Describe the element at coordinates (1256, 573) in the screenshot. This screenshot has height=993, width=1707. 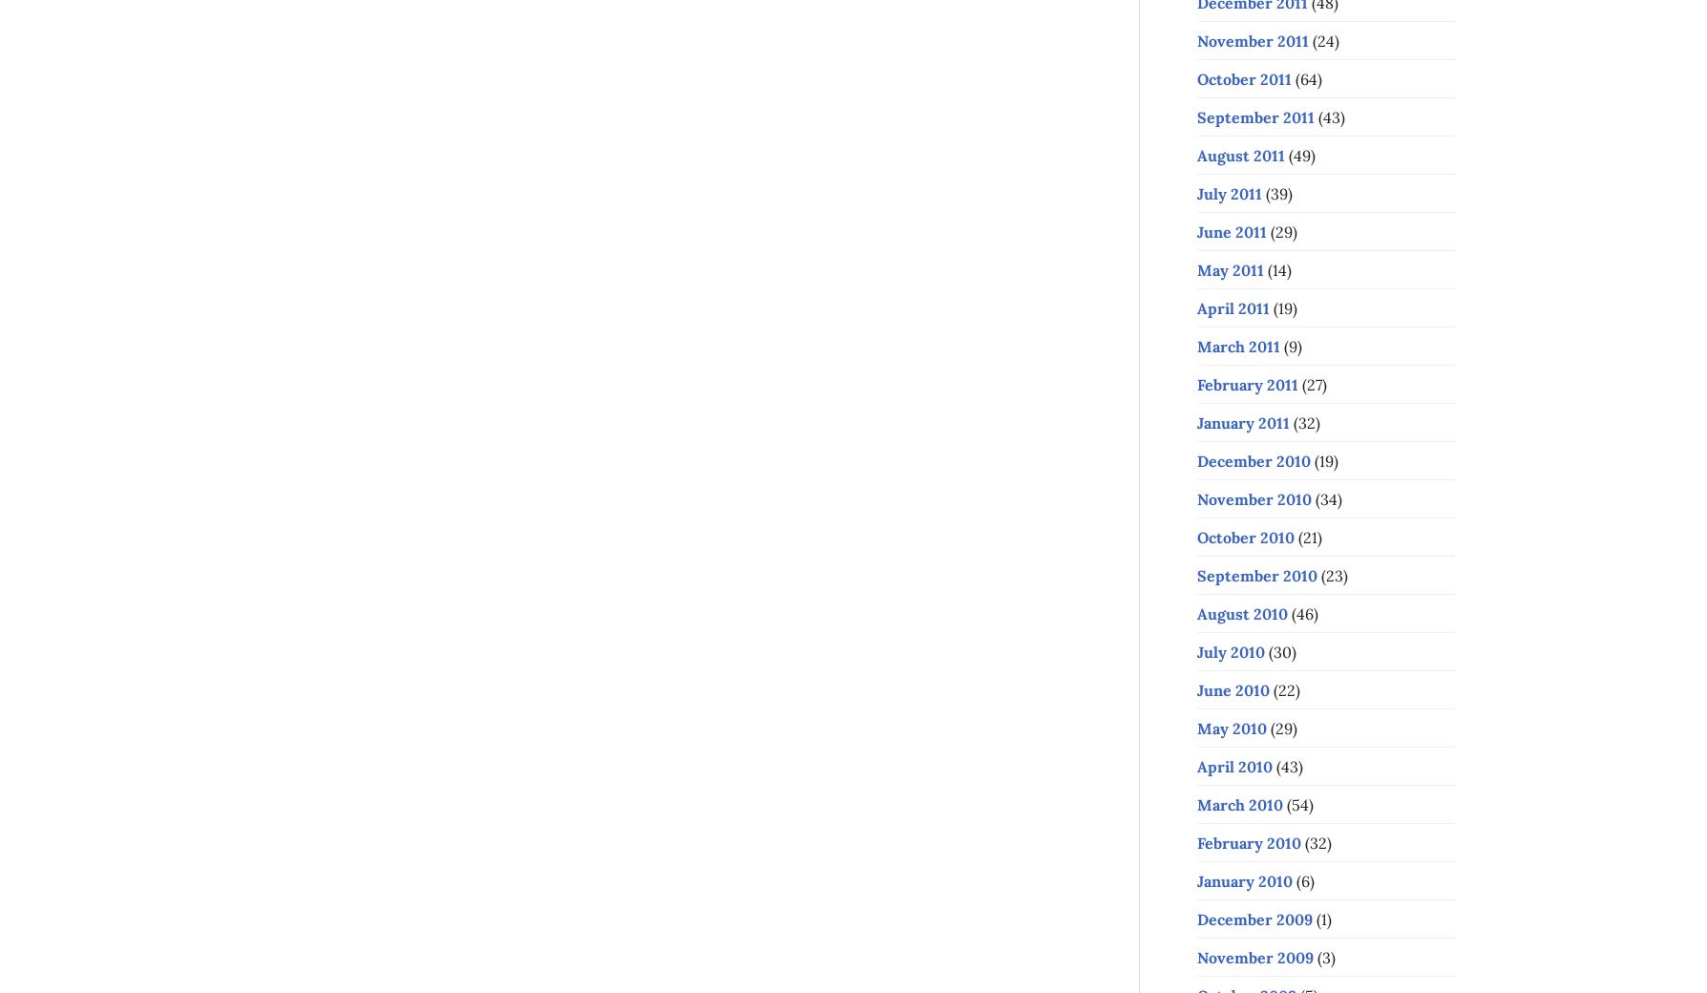
I see `'September 2010'` at that location.